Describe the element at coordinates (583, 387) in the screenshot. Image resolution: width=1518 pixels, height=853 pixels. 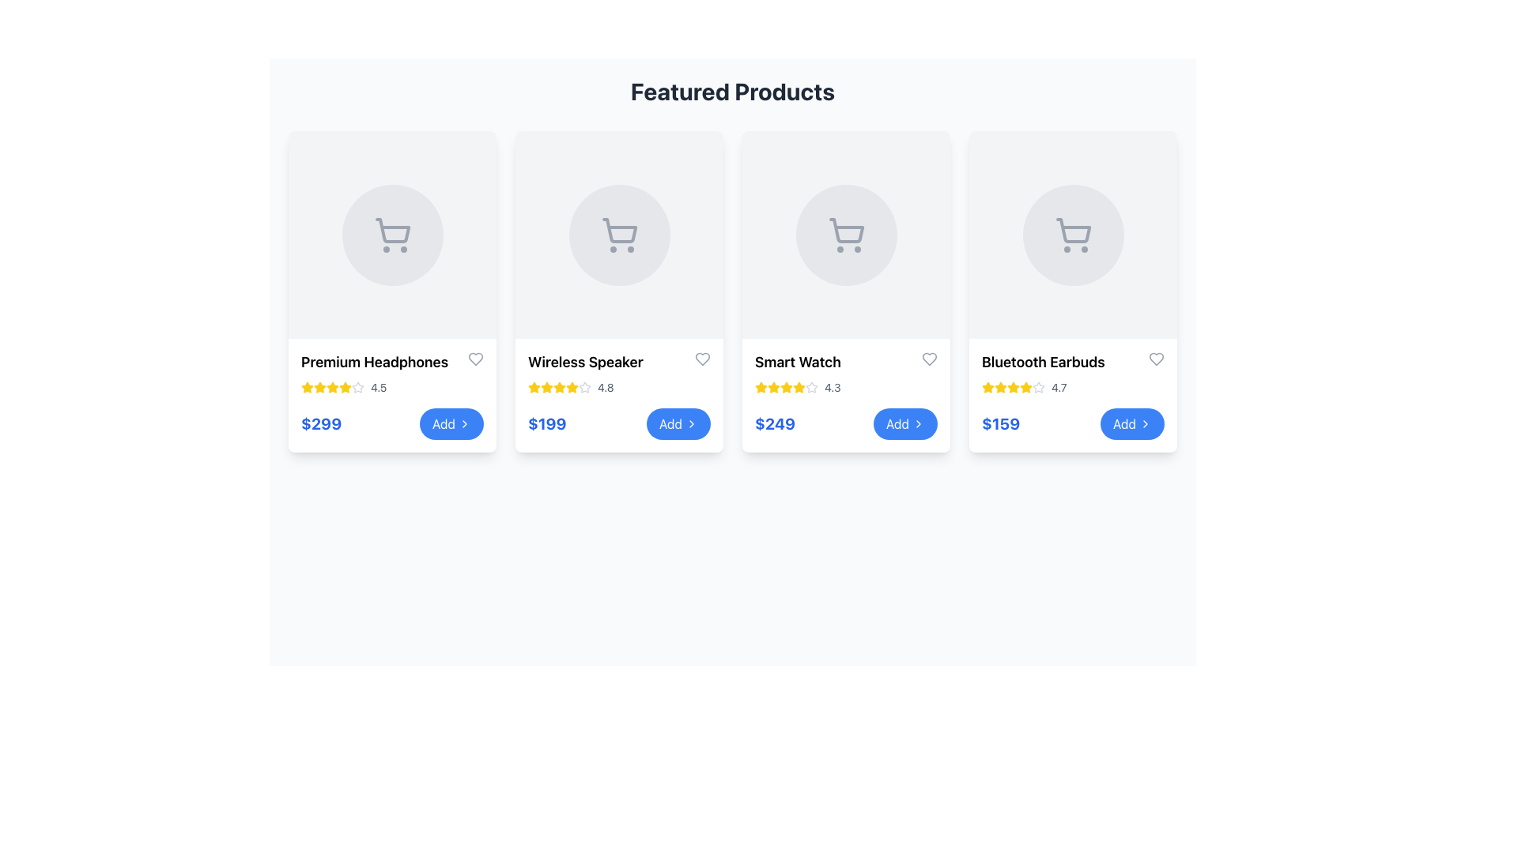
I see `the last gray outlined star icon representing the inactive state in the rating system for the 'Wireless Speaker' product card` at that location.